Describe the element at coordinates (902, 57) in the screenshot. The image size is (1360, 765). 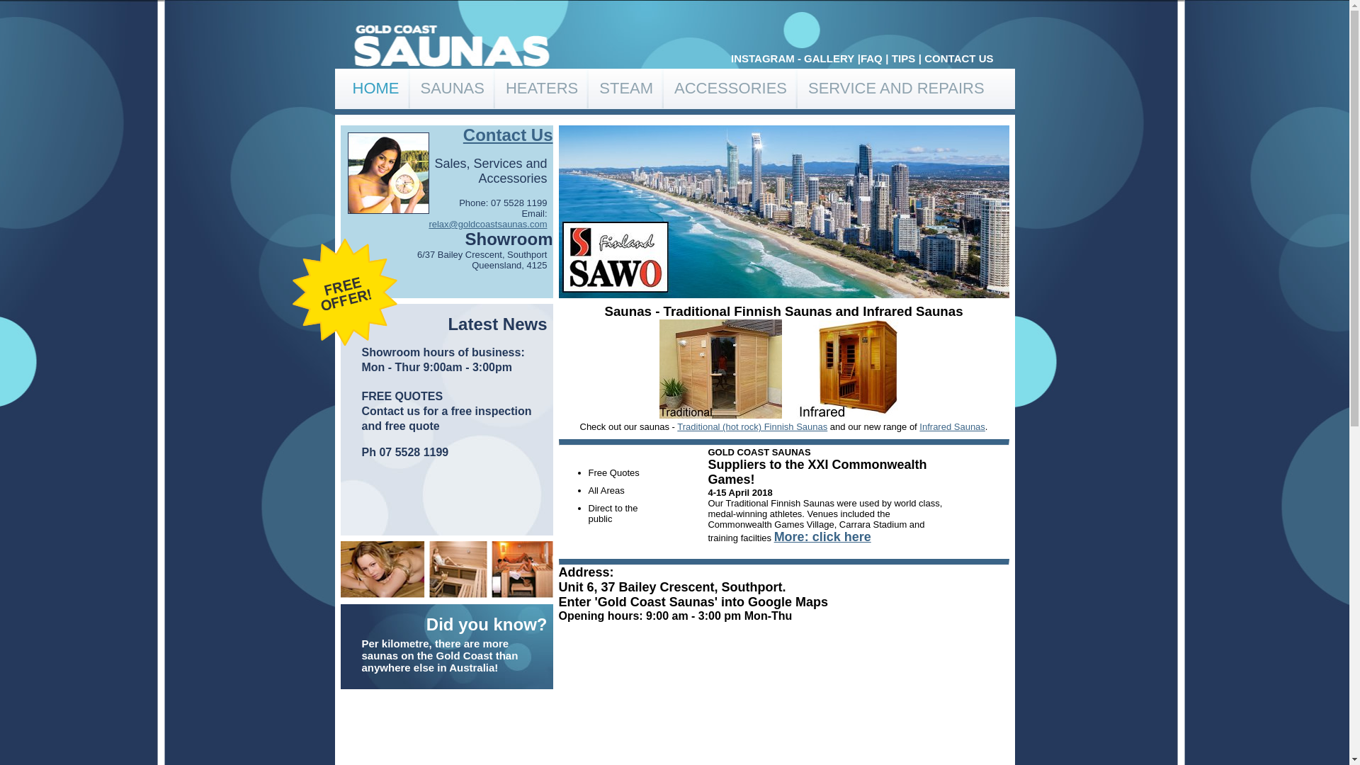
I see `'TIPS'` at that location.